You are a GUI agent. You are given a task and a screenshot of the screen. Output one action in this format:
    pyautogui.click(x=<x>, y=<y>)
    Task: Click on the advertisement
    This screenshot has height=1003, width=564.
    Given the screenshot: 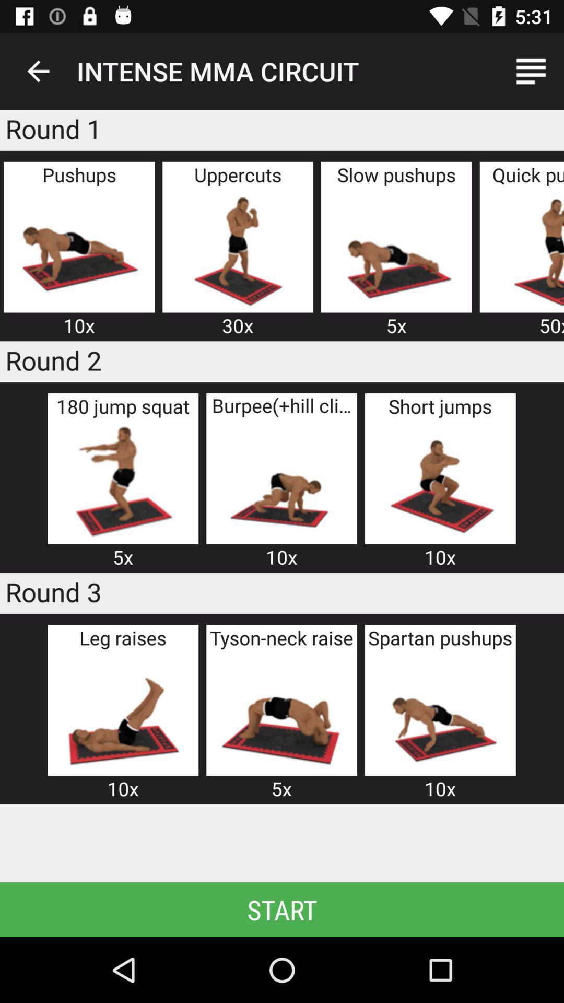 What is the action you would take?
    pyautogui.click(x=440, y=712)
    